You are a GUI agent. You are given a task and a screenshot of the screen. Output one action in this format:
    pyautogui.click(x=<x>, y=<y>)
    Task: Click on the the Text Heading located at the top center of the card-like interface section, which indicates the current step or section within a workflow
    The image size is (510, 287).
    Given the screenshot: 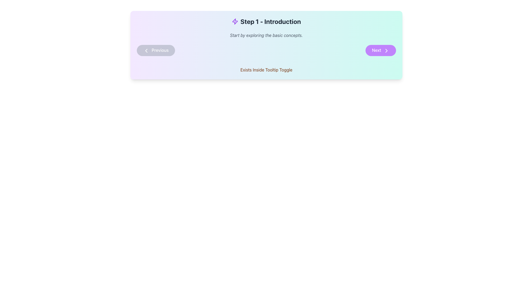 What is the action you would take?
    pyautogui.click(x=266, y=21)
    